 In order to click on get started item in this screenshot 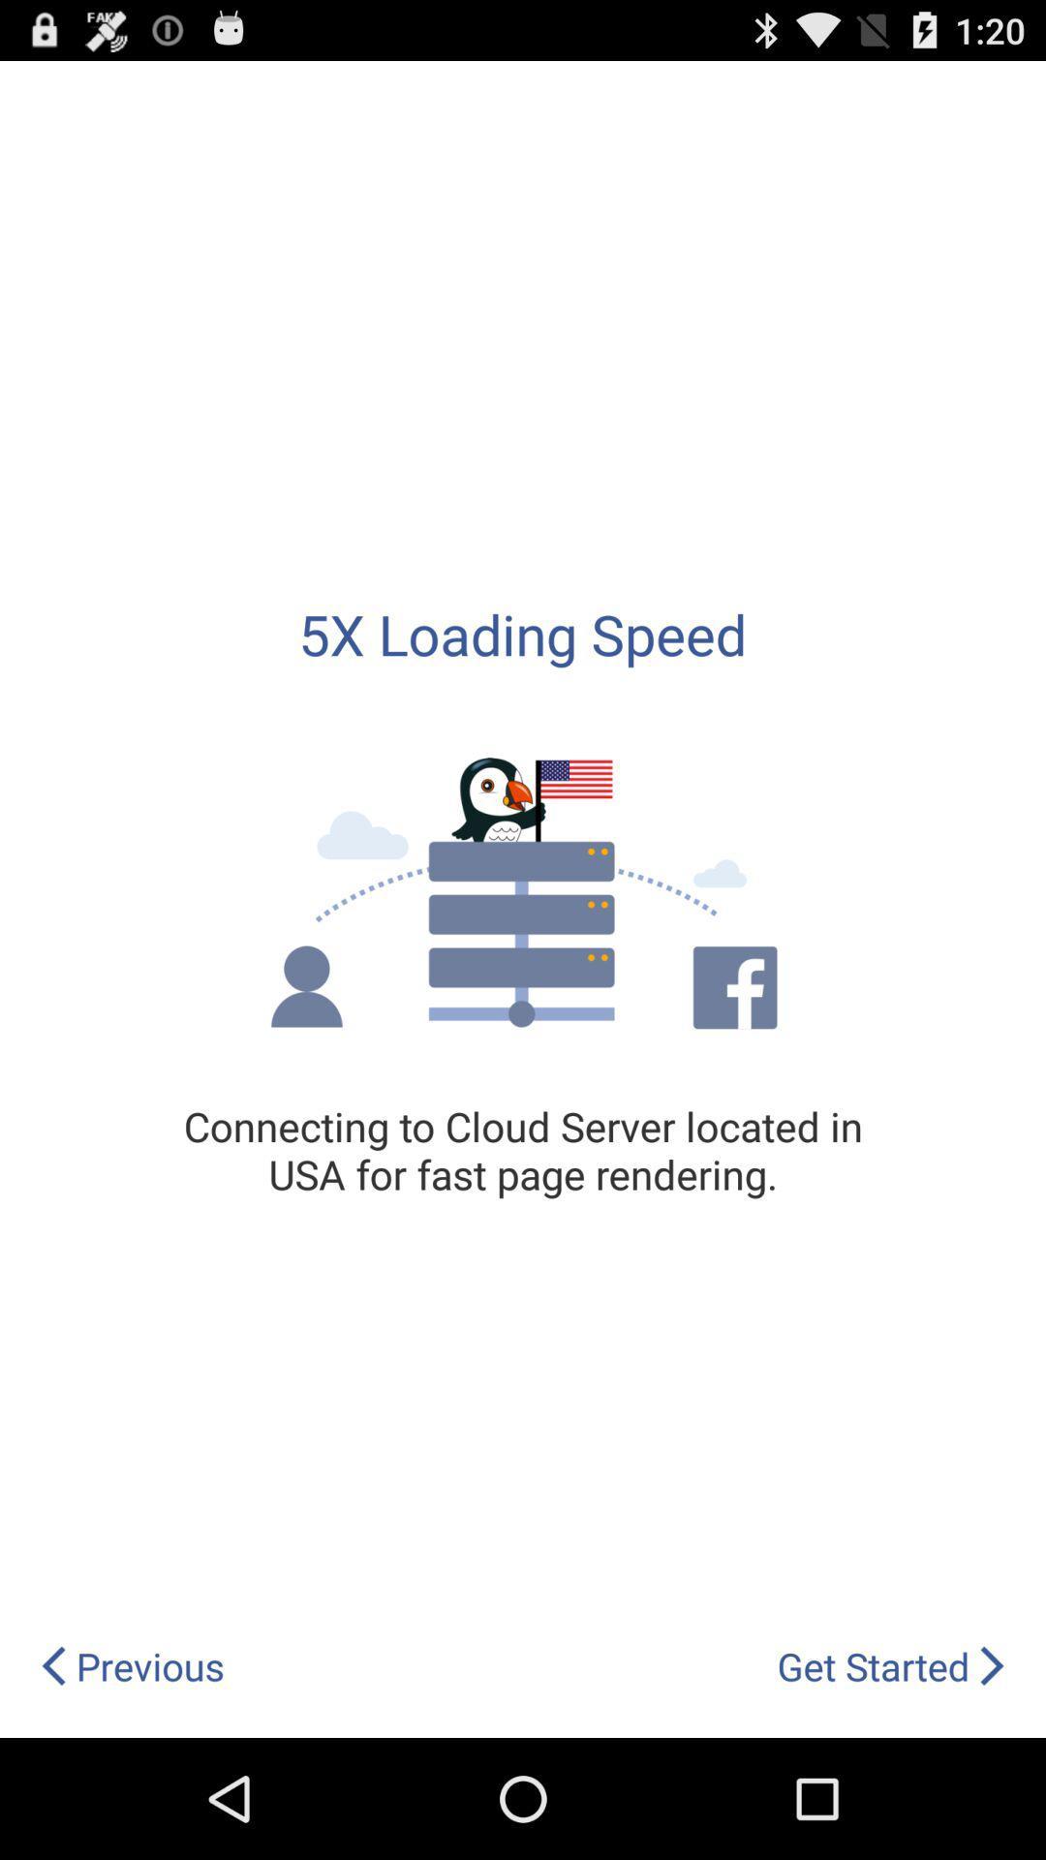, I will do `click(891, 1665)`.